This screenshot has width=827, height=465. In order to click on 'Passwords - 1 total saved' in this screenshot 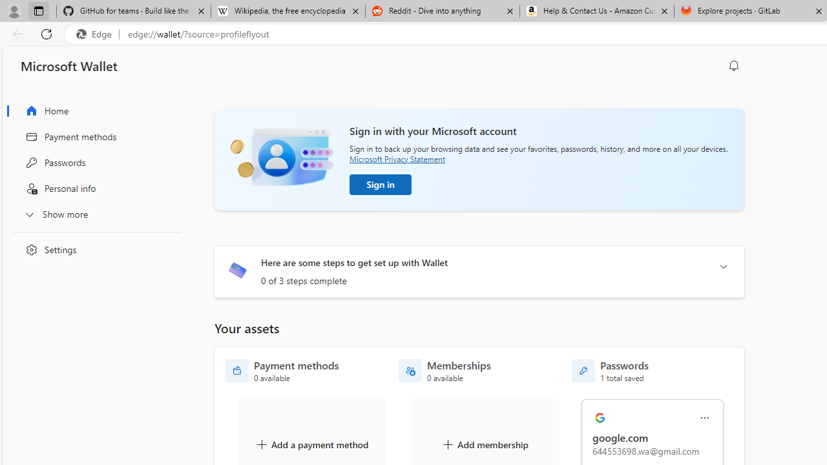, I will do `click(609, 371)`.